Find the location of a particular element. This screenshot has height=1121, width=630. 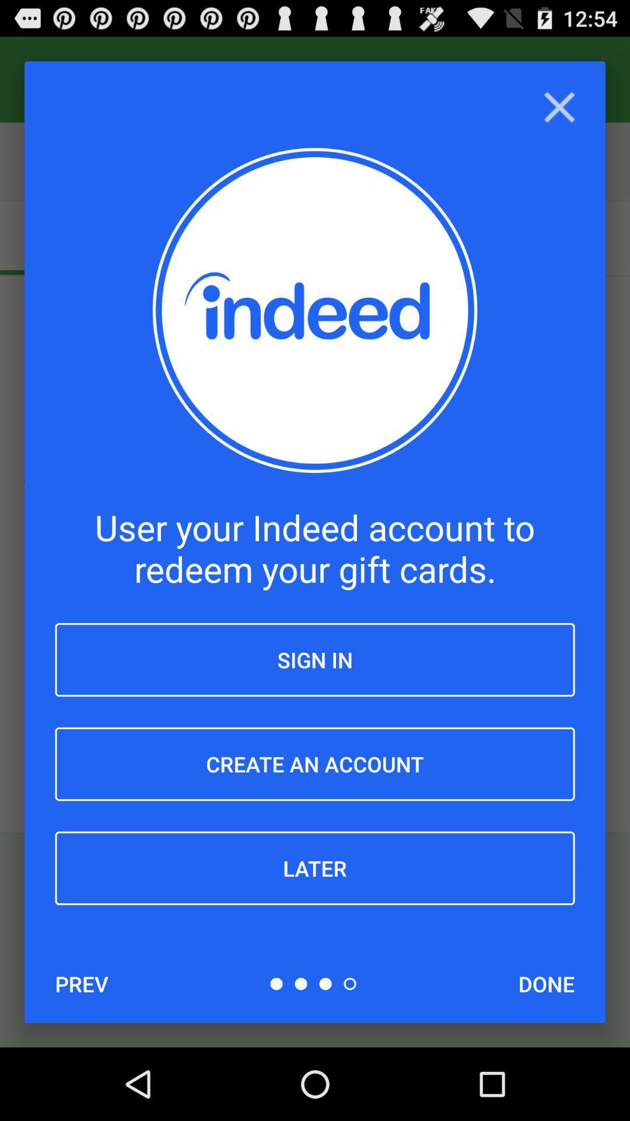

the icon at the bottom left corner is located at coordinates (81, 983).